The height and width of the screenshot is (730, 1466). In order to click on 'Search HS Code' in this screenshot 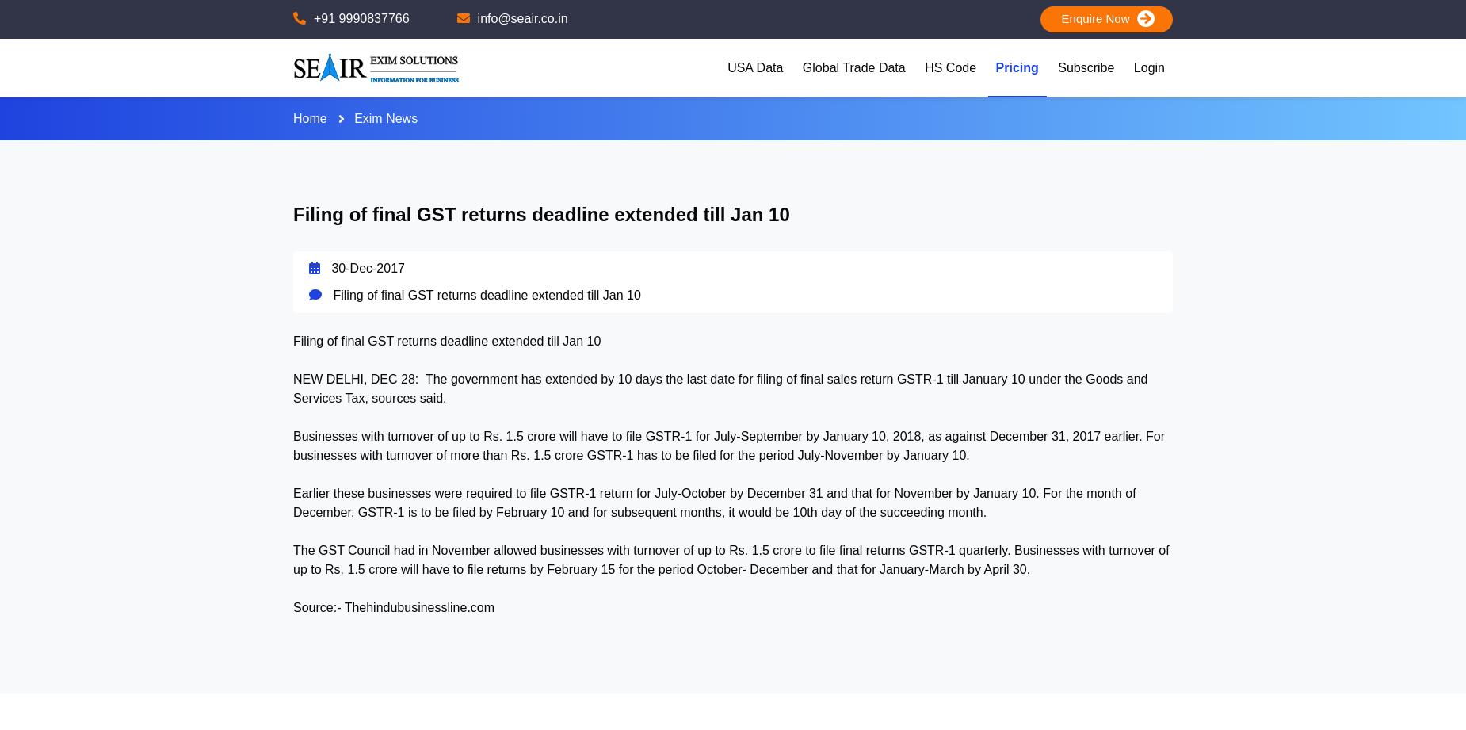, I will do `click(978, 108)`.